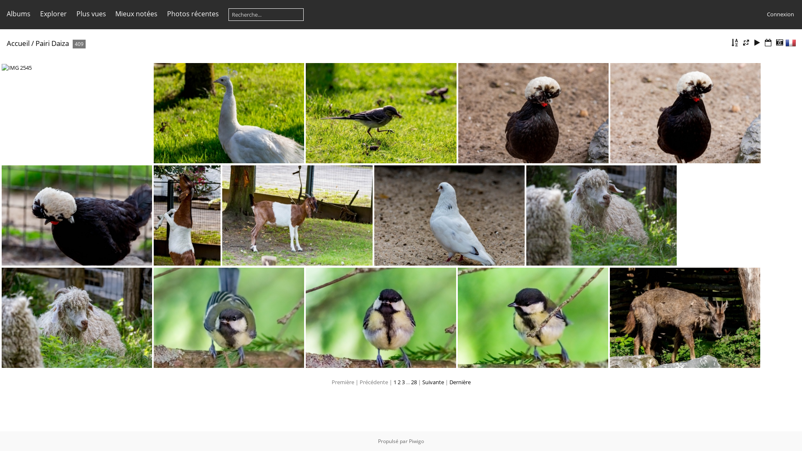 The height and width of the screenshot is (451, 802). What do you see at coordinates (411, 382) in the screenshot?
I see `'28'` at bounding box center [411, 382].